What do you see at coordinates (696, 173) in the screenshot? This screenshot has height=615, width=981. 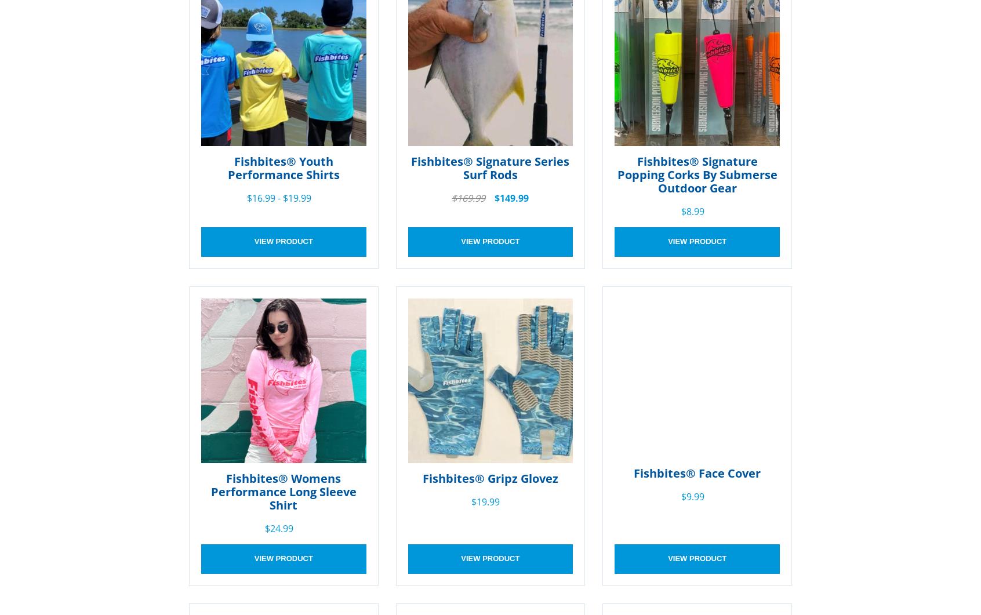 I see `'Fishbites® Signature Popping Corks By Submerse Outdoor Gear'` at bounding box center [696, 173].